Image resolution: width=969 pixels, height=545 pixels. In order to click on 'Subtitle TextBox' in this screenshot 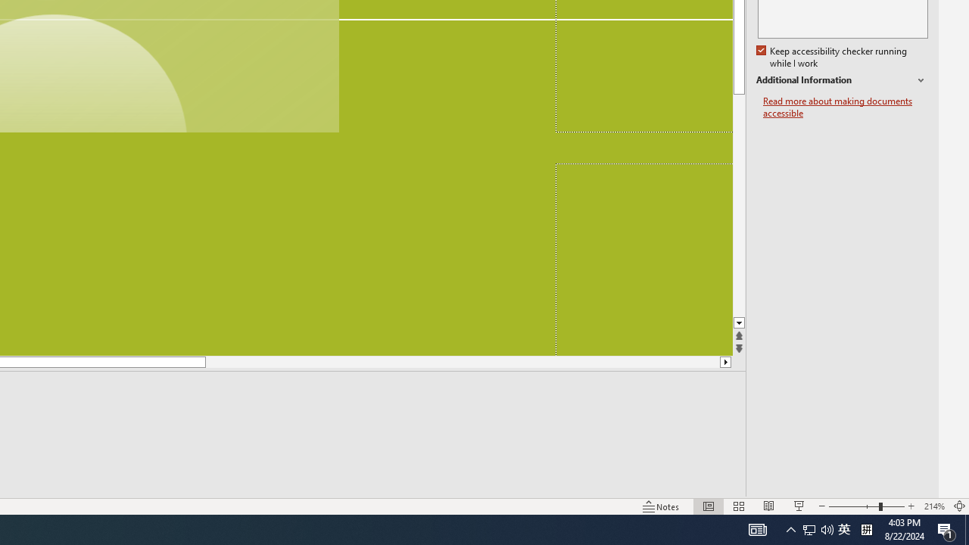, I will do `click(643, 259)`.